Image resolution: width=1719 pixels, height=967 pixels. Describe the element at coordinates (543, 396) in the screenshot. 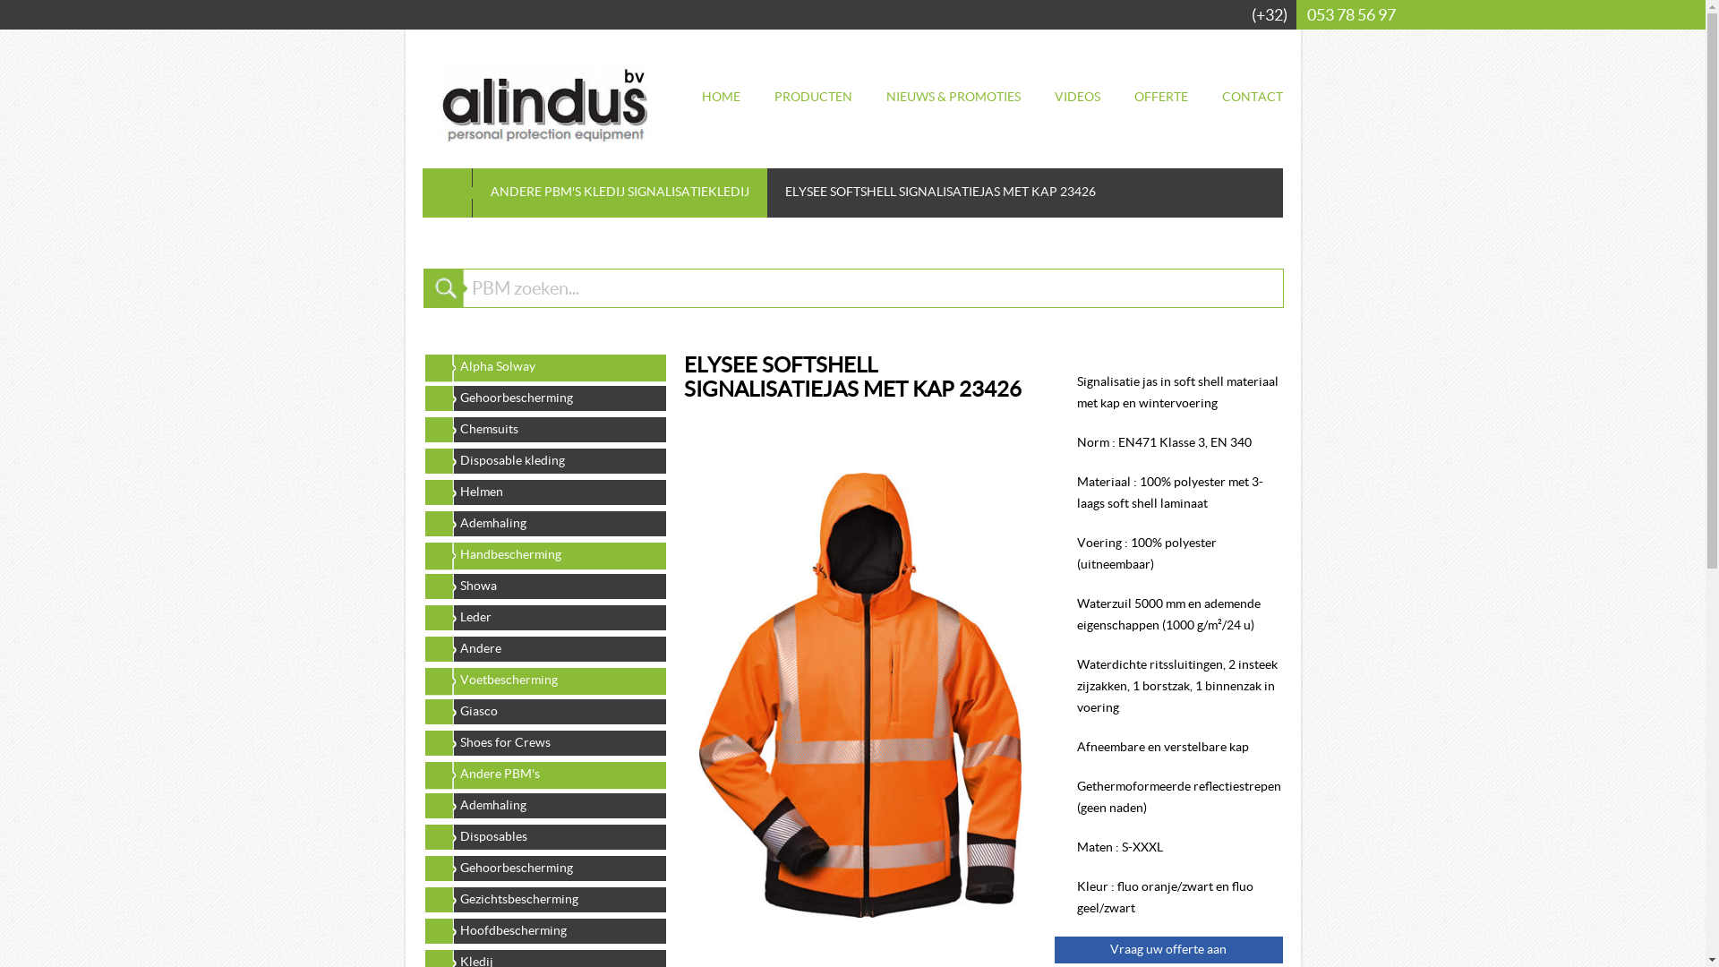

I see `'Gehoorbescherming'` at that location.